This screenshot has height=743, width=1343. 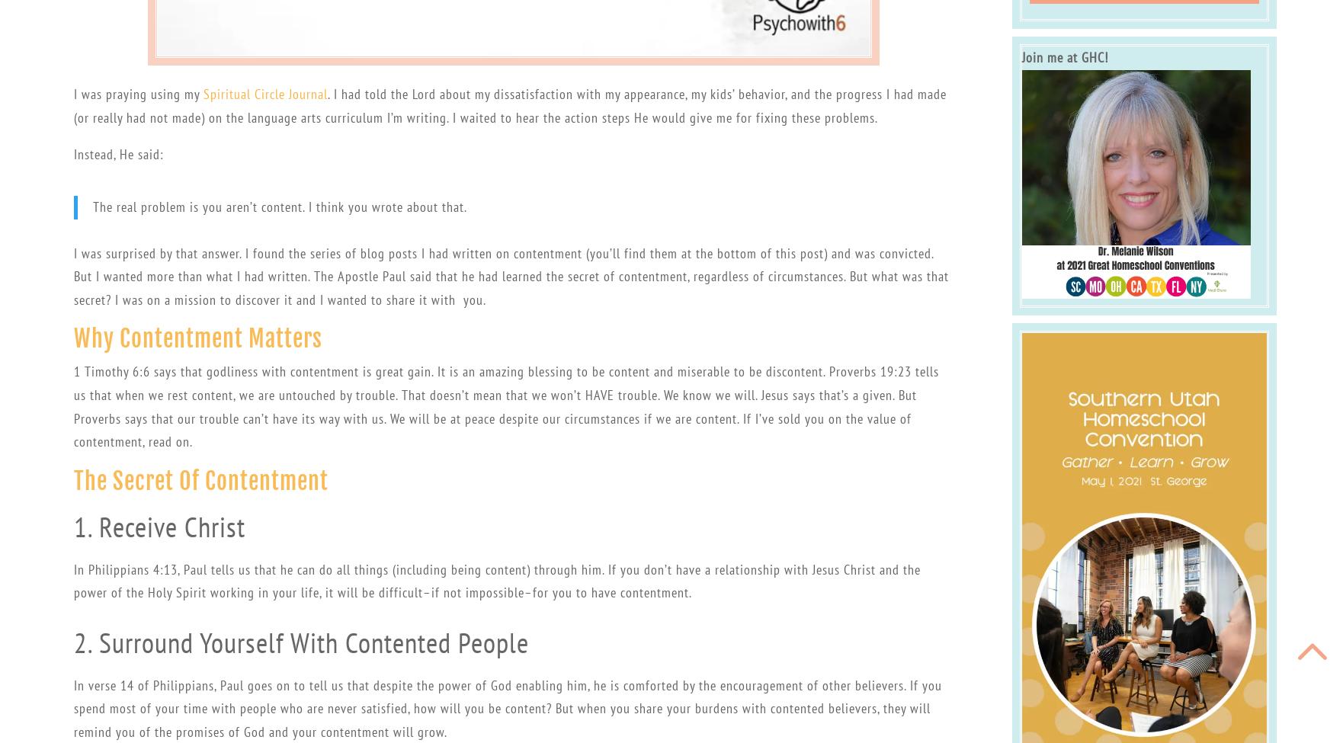 I want to click on 'Instead, He said:', so click(x=118, y=154).